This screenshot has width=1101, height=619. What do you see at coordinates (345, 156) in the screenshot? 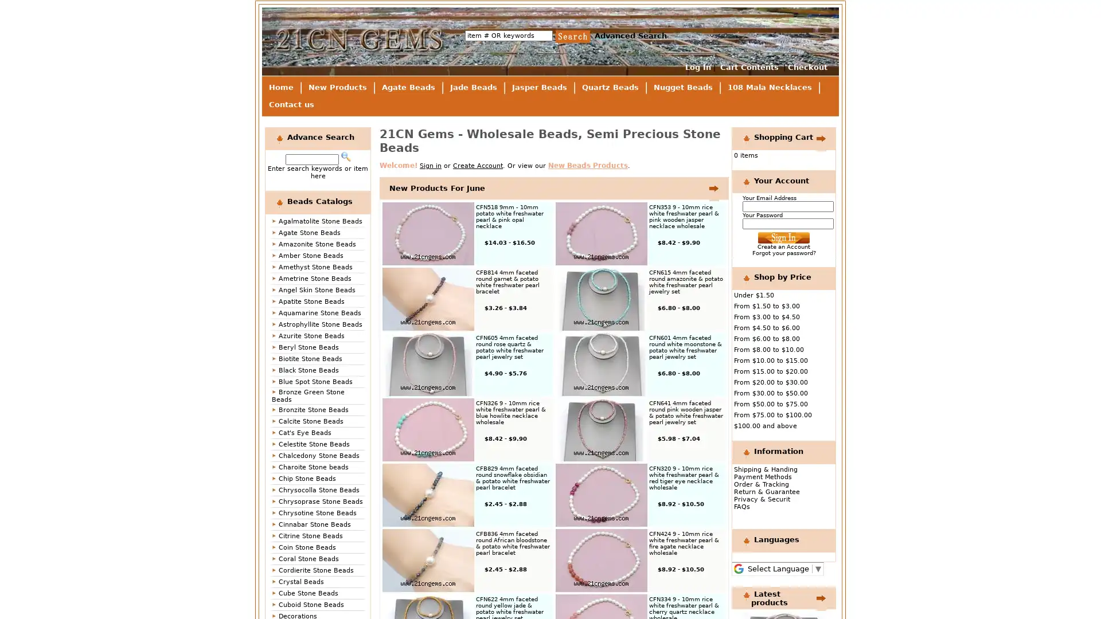
I see `BOX_HEADING_SEARCH` at bounding box center [345, 156].